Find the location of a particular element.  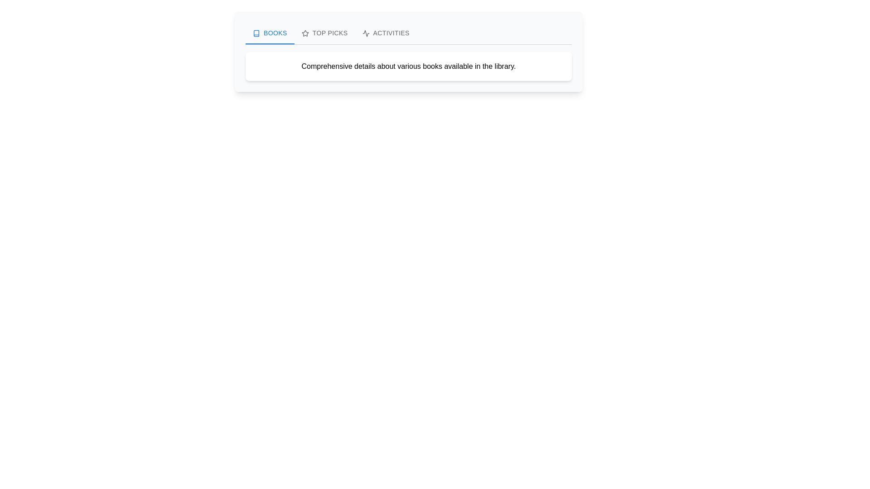

the 'Top Picks' tab in the navigation bar is located at coordinates (324, 33).